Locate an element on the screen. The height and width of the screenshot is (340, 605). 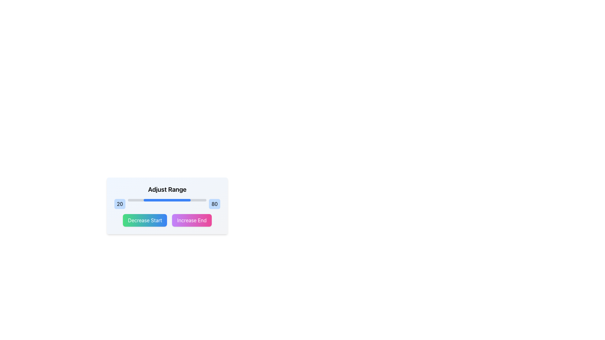
the button that decrements a value, positioned to the left of the 'Increase End' button in the lower part of the interface is located at coordinates (145, 220).